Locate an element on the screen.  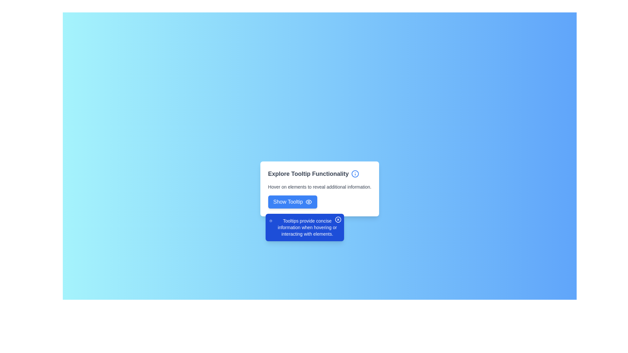
the static text element that provides instructions about the tooltip functionality, located below the 'Explore Tooltip Functionality' header and above the 'Show Tooltip' button is located at coordinates (320, 187).